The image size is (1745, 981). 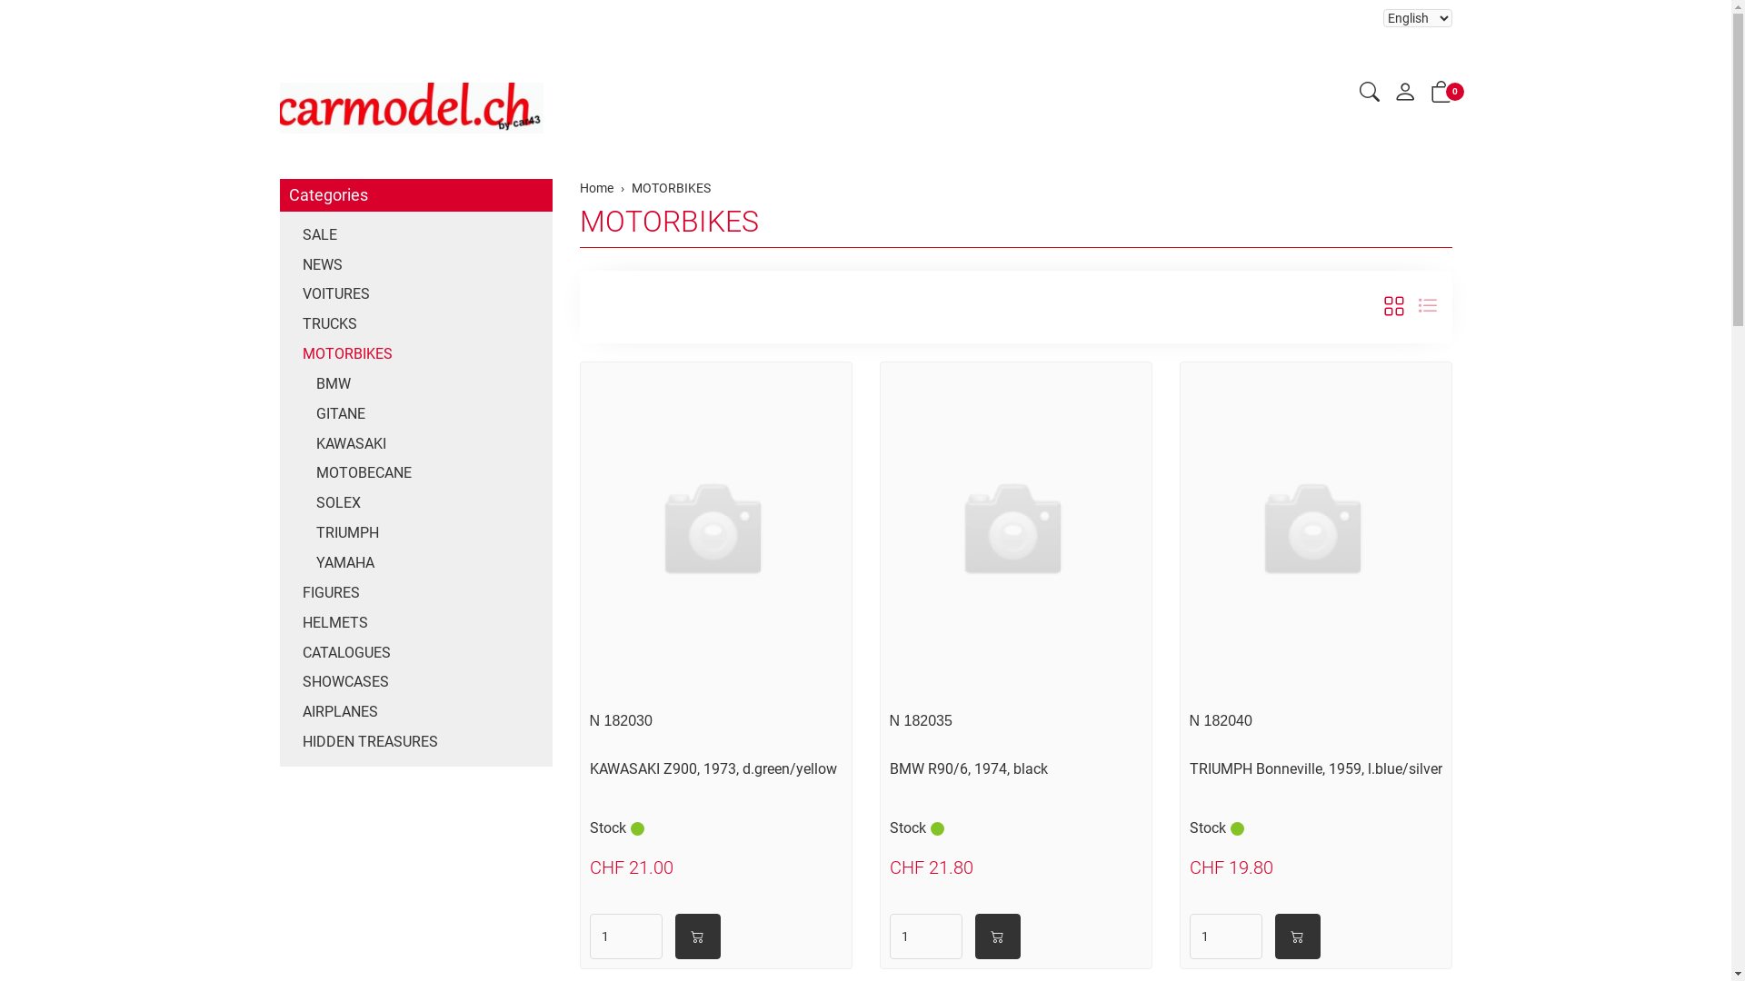 What do you see at coordinates (414, 383) in the screenshot?
I see `'BMW'` at bounding box center [414, 383].